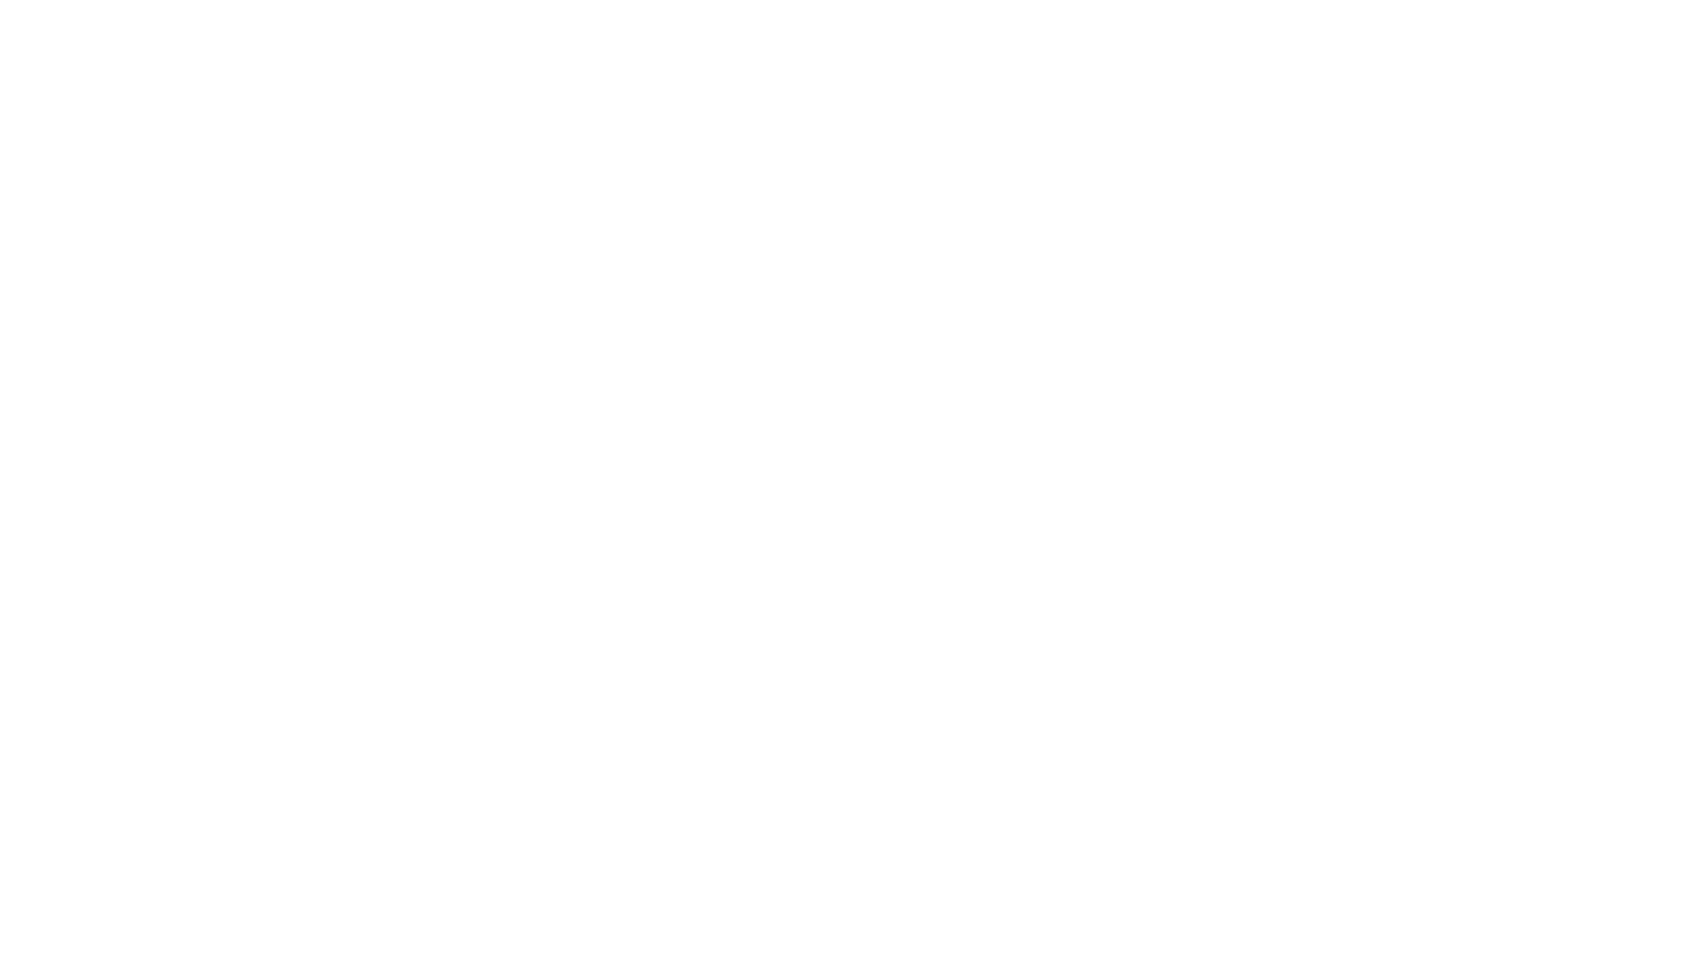 Image resolution: width=1699 pixels, height=972 pixels. I want to click on 'Quick Links', so click(1098, 606).